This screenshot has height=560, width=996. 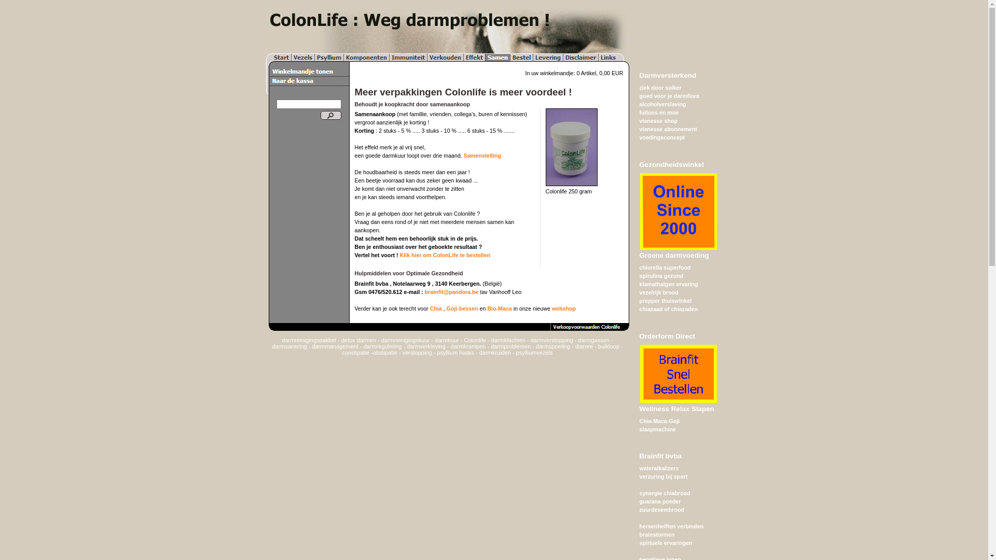 What do you see at coordinates (661, 137) in the screenshot?
I see `'voedingsconcept'` at bounding box center [661, 137].